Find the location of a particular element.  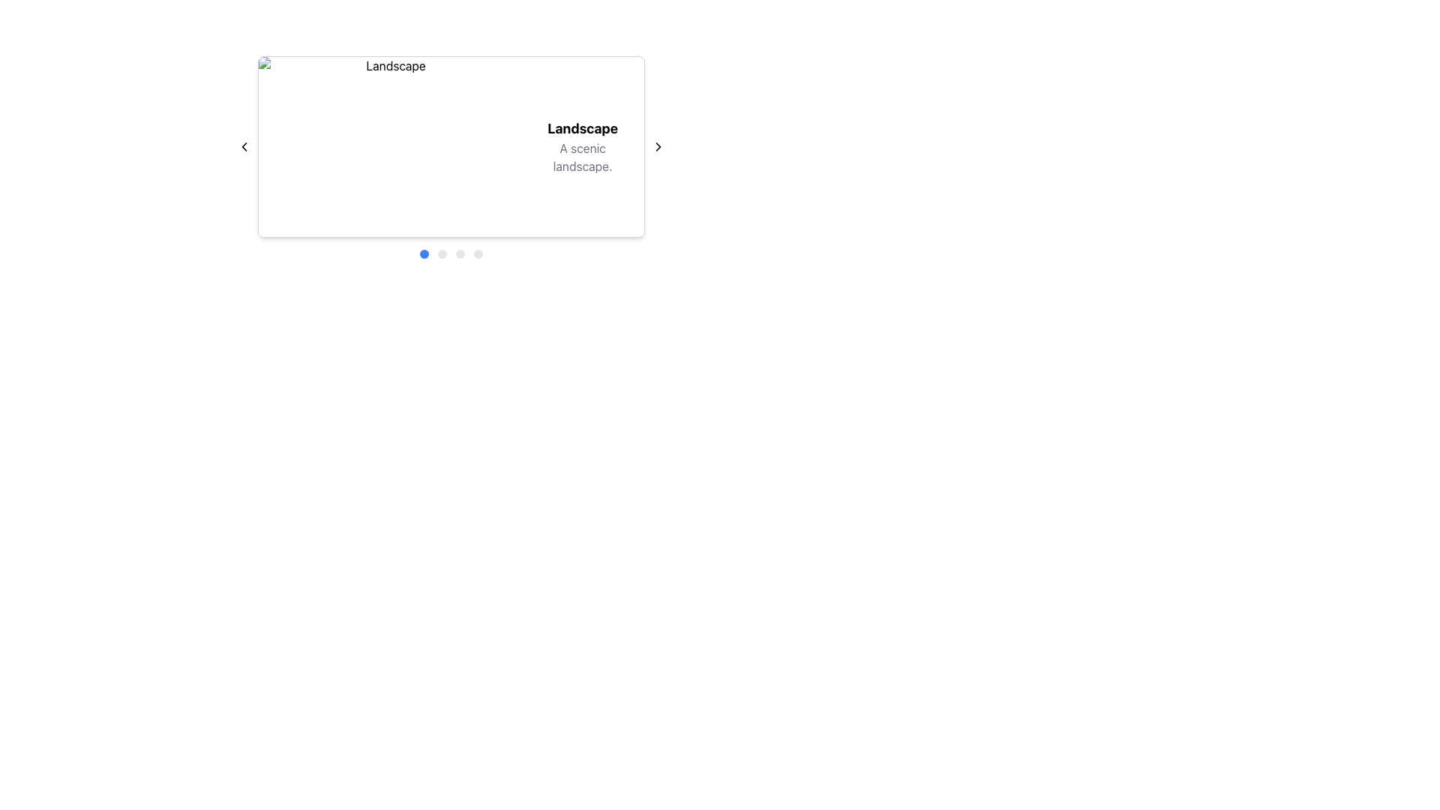

the left-facing chevron icon button within the card titled 'Landscape: A scenic landscape' to activate the hover effect is located at coordinates (244, 147).